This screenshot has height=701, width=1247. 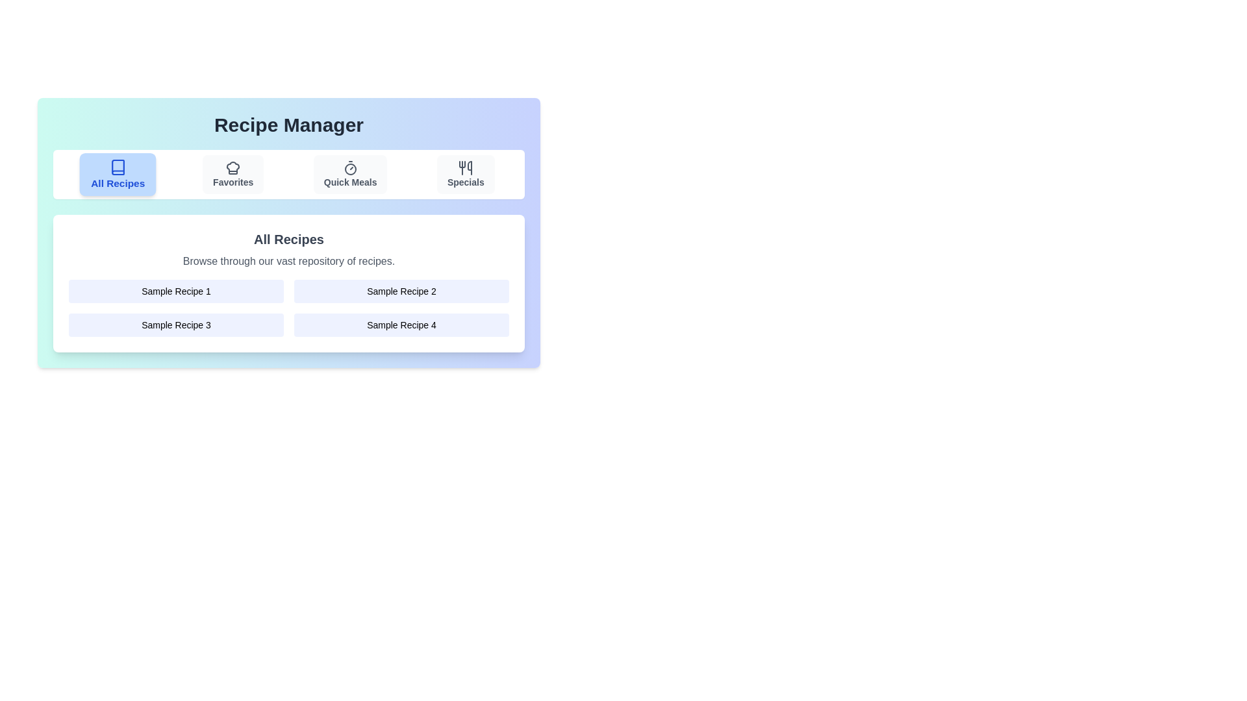 I want to click on the tab button labeled Favorites to see its interactive feedback, so click(x=233, y=174).